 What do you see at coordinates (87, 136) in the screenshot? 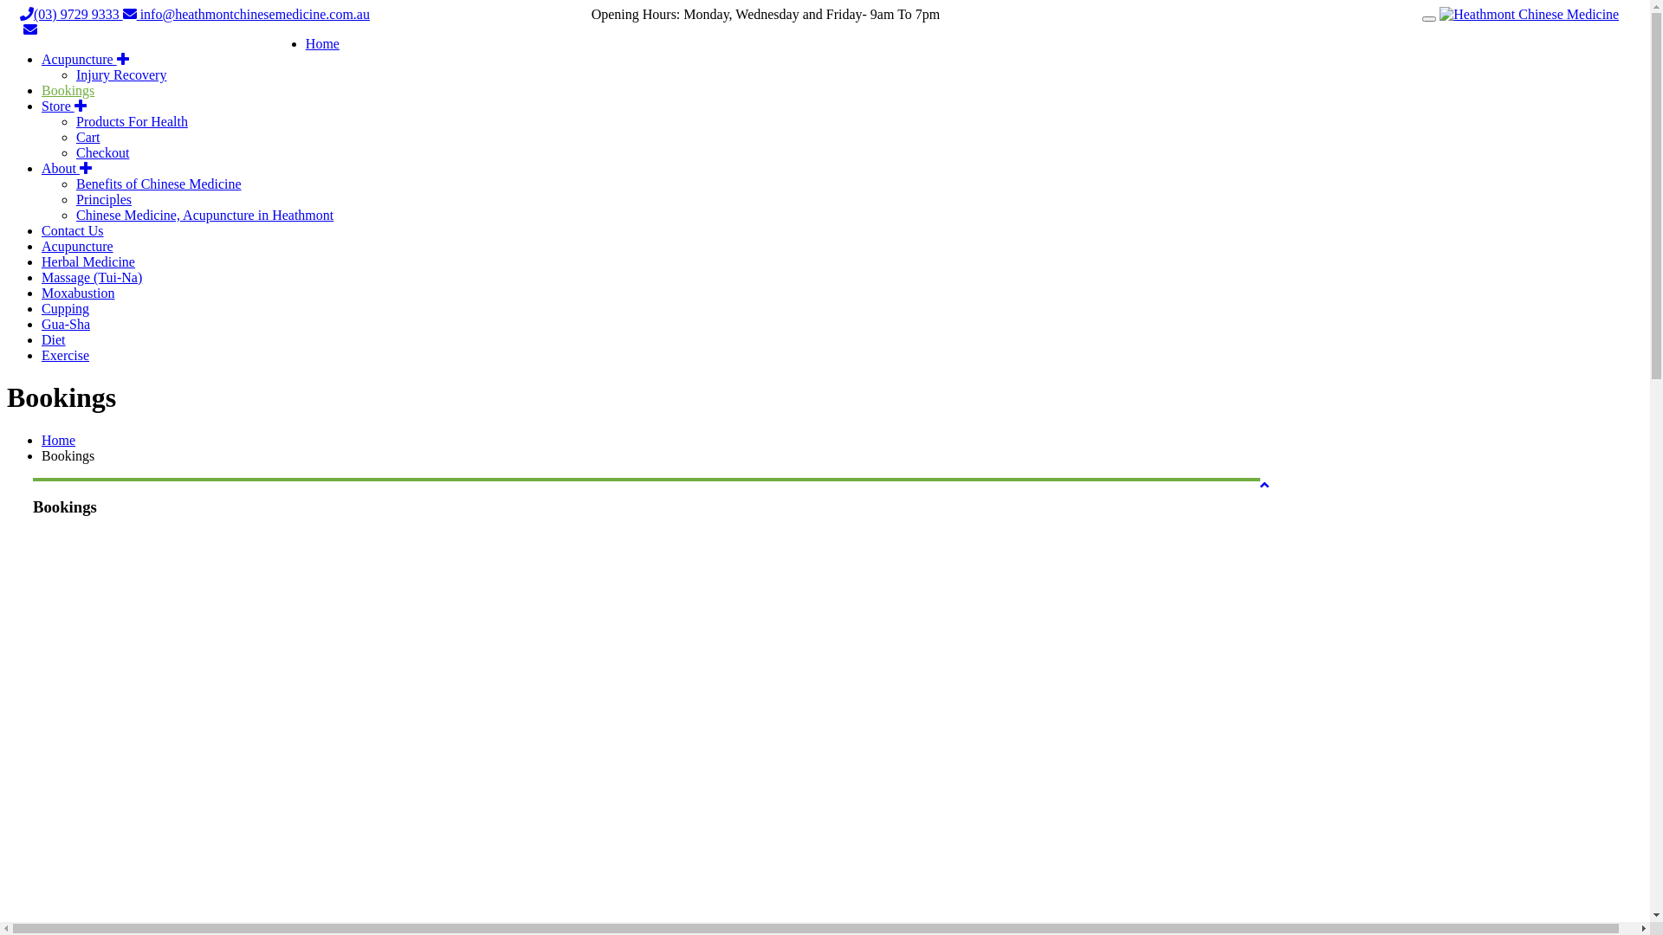
I see `'Cart'` at bounding box center [87, 136].